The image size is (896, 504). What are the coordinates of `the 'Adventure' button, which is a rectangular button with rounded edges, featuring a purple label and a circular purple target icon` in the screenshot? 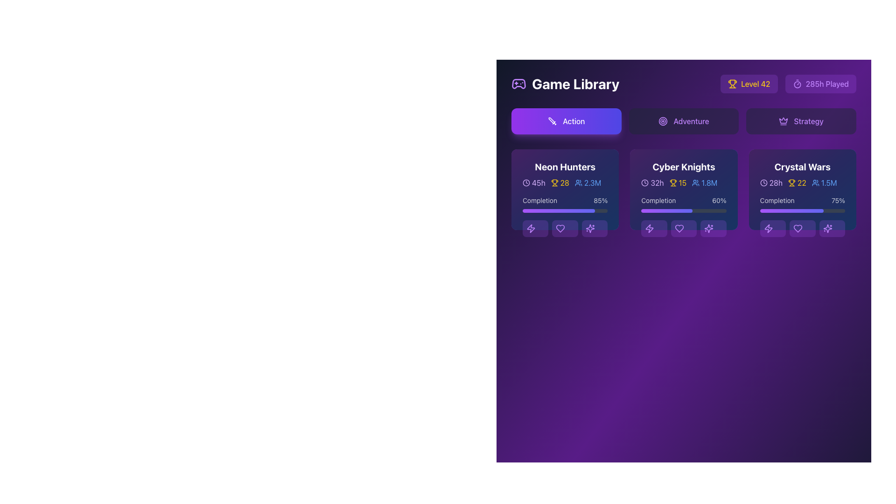 It's located at (684, 120).